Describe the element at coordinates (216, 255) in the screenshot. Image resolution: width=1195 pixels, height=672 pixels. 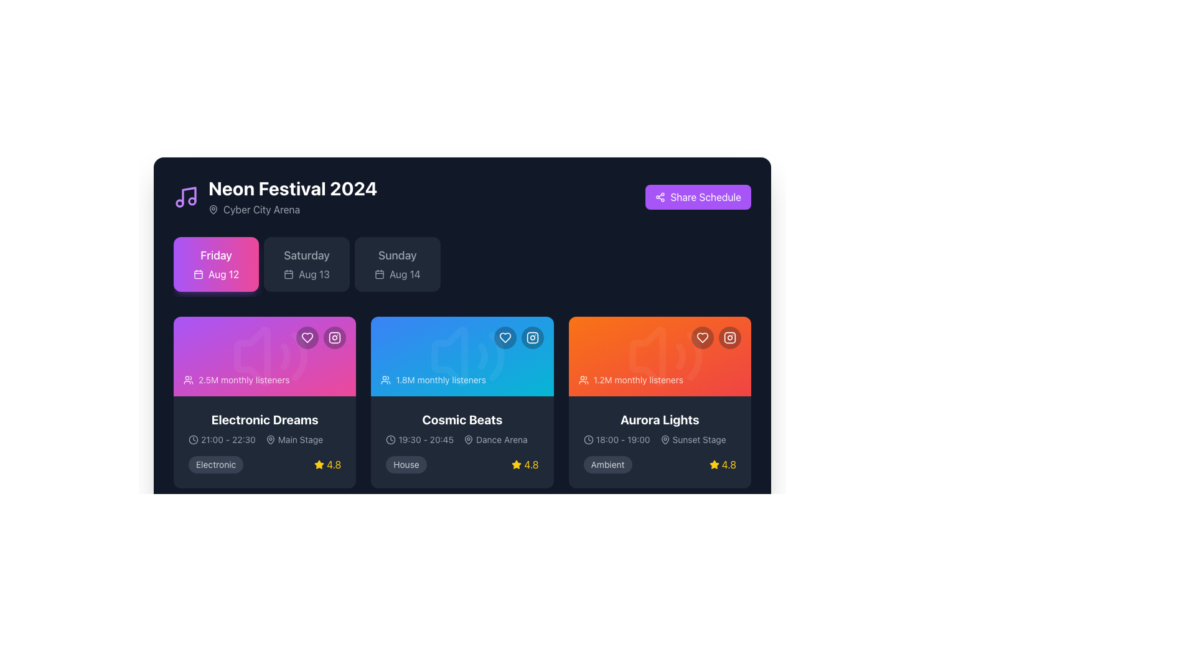
I see `text displayed in the upper-left Text Label of the card that indicates the day for the relevant date or event` at that location.